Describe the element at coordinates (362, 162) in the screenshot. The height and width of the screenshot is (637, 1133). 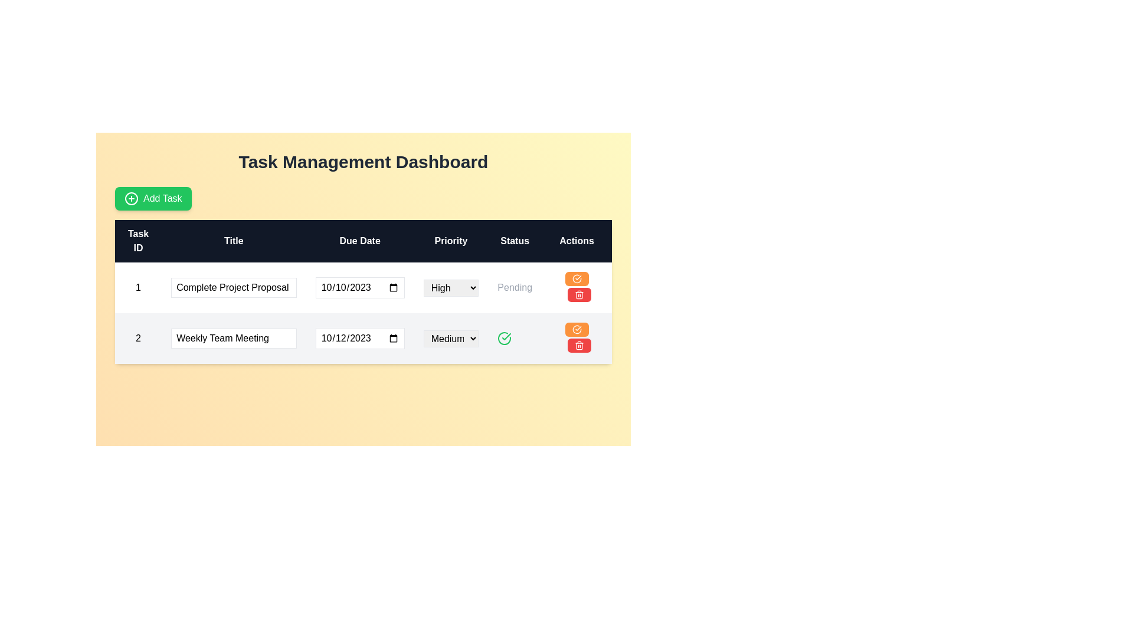
I see `the Header or Title element that serves as the main title for the task management interface, positioned near the top center above the 'Add Task' button and the task details area` at that location.